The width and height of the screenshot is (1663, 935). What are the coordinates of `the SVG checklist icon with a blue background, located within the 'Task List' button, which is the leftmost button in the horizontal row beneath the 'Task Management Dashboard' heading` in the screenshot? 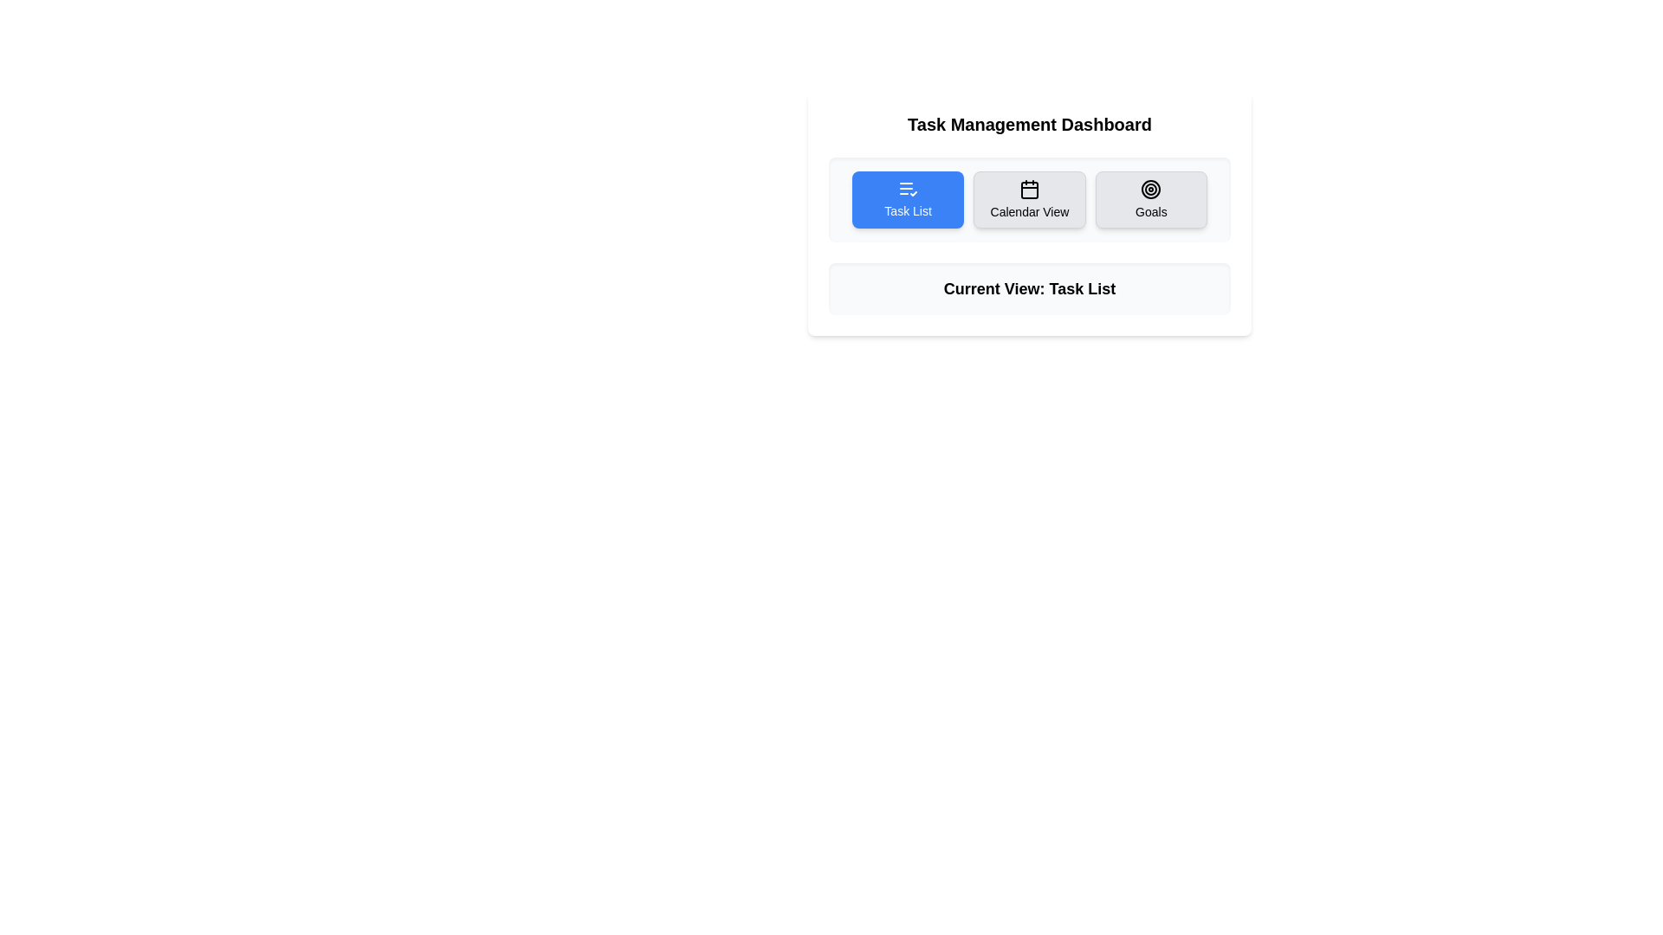 It's located at (907, 189).